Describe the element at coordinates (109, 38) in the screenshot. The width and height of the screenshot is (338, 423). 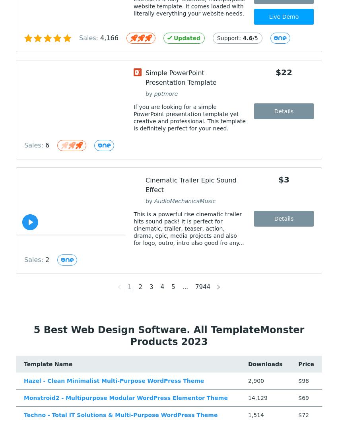
I see `'4,166'` at that location.